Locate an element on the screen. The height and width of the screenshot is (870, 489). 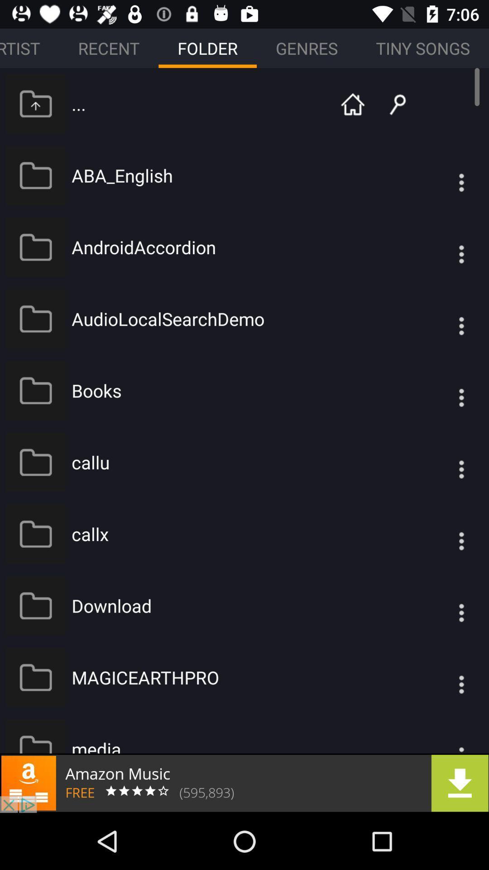
see file options is located at coordinates (443, 175).